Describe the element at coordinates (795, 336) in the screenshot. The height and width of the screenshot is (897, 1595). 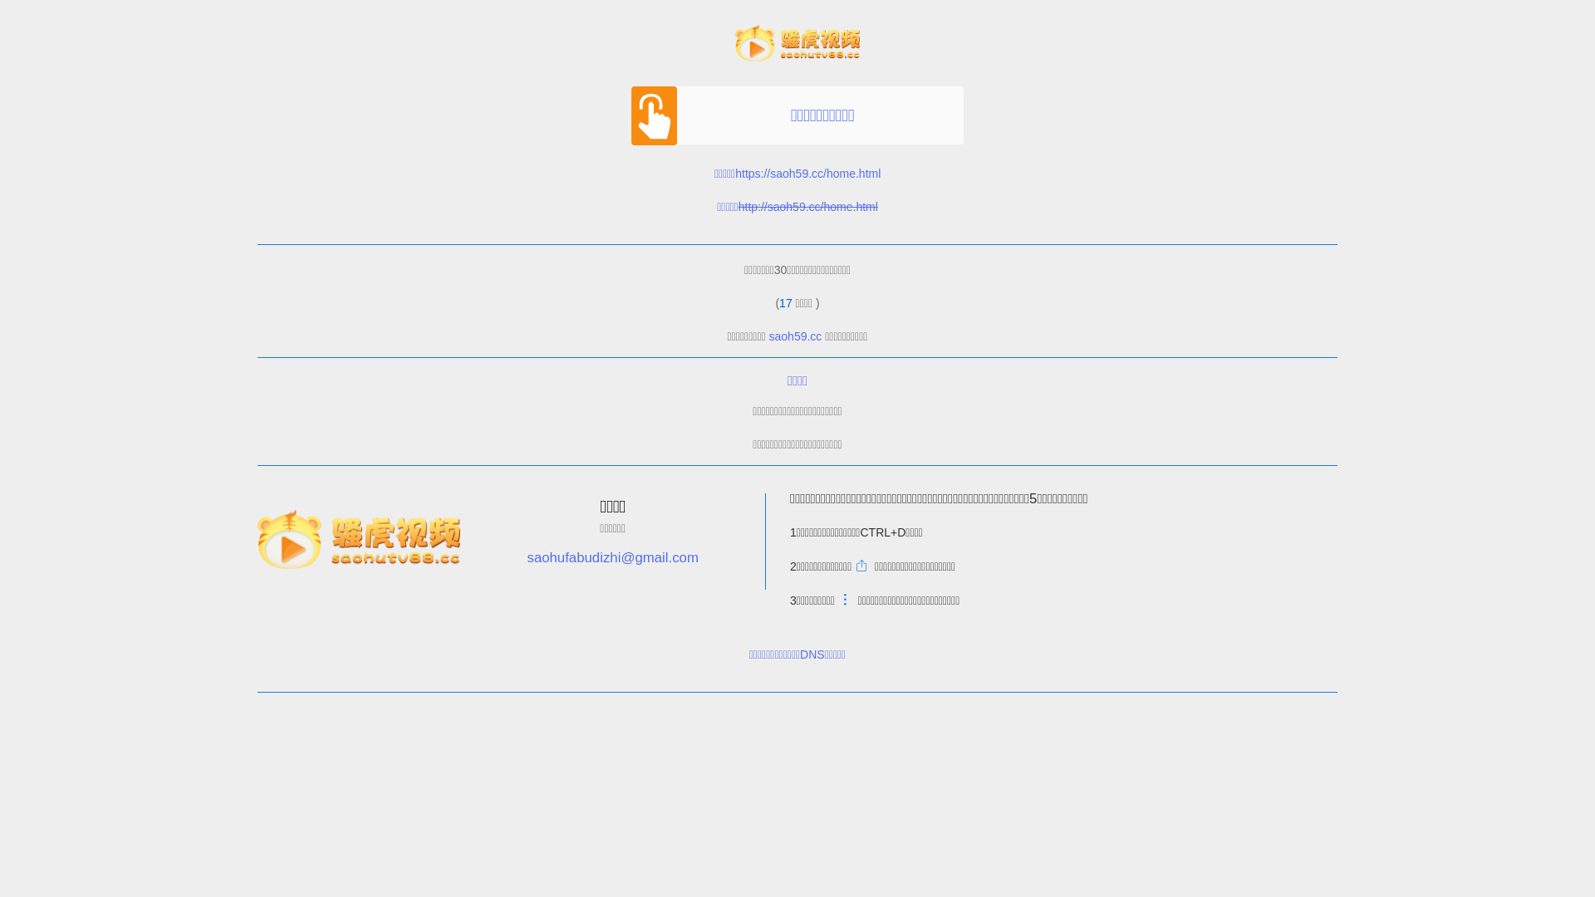
I see `'saoh59.cc'` at that location.